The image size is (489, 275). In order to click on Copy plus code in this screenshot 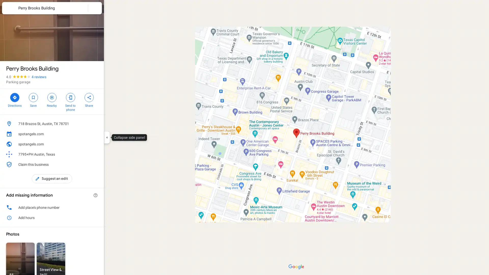, I will do `click(88, 154)`.